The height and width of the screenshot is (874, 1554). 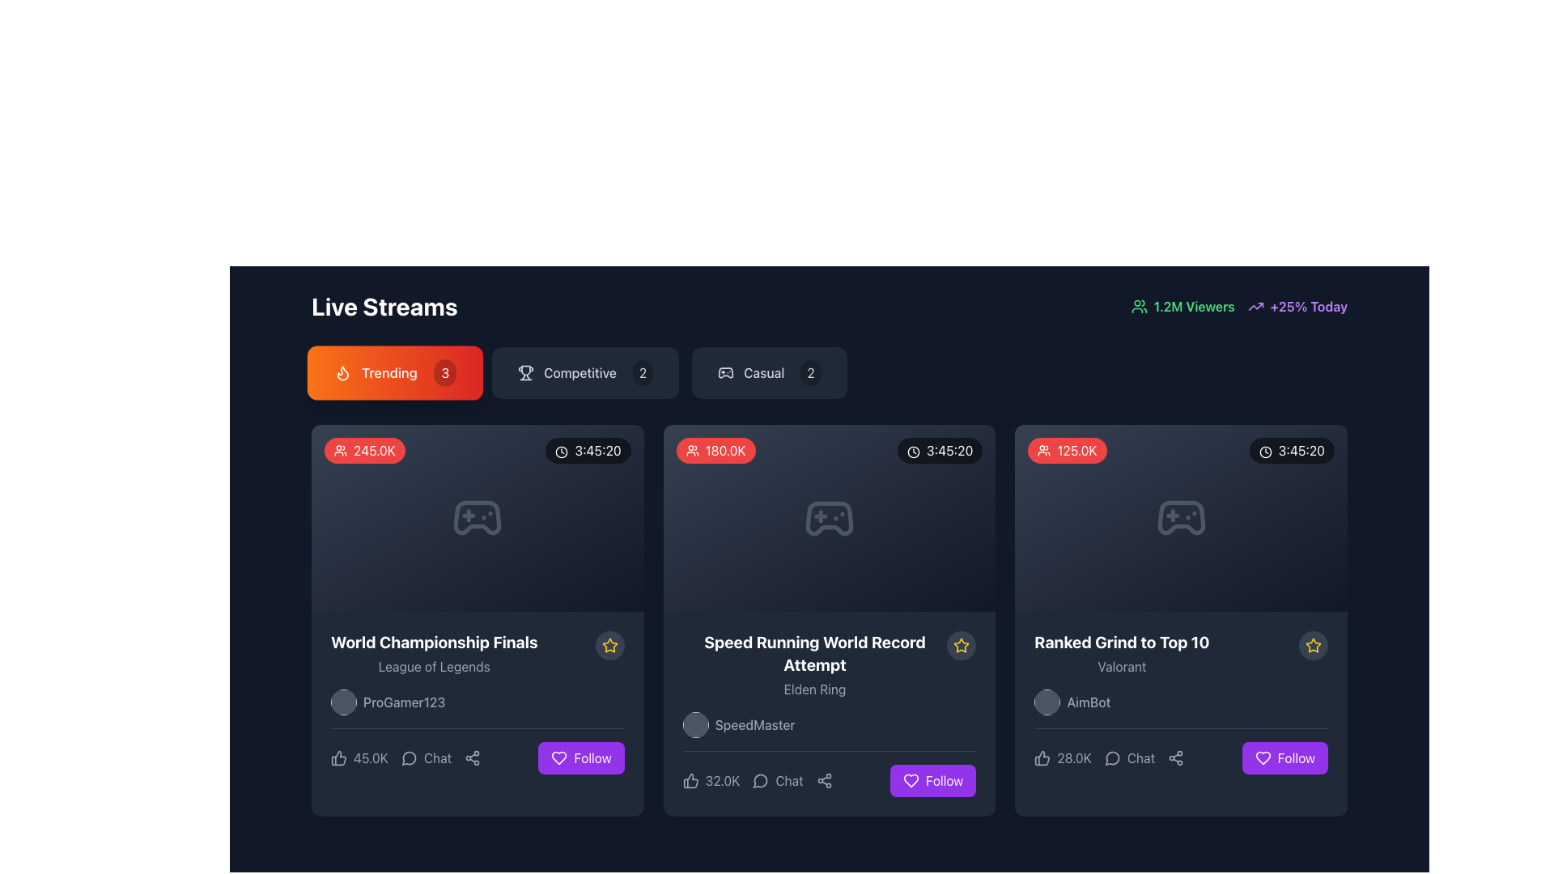 I want to click on the share icon button, which is a gray icon with three interconnected circles and two lines, located in the toolbar beneath the 'Speed Running World Record Attempt' card, so click(x=824, y=779).